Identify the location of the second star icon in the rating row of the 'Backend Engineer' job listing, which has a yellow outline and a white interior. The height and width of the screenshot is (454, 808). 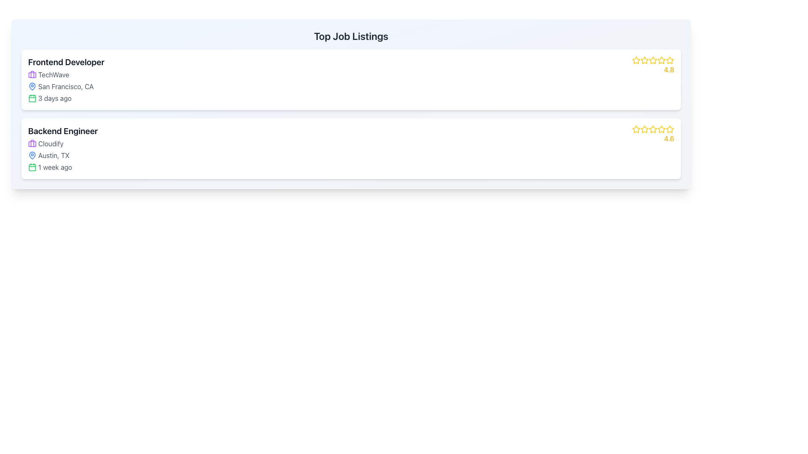
(661, 129).